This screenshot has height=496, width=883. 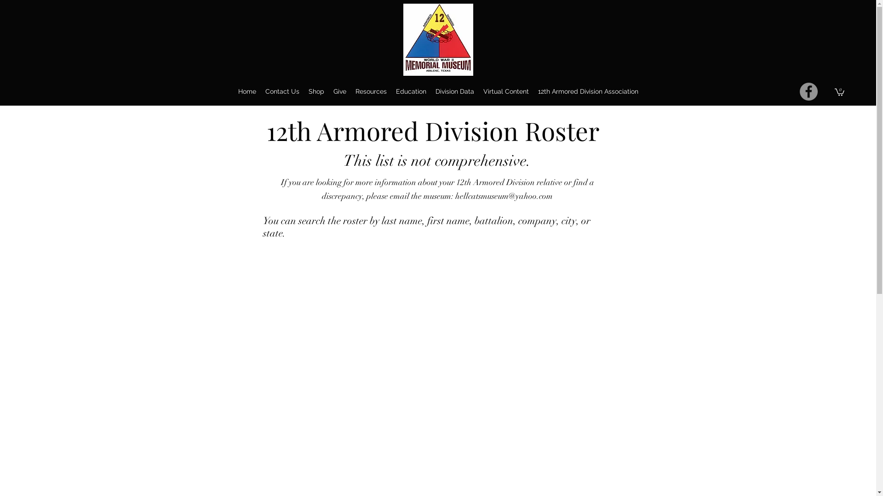 I want to click on 'Home', so click(x=247, y=91).